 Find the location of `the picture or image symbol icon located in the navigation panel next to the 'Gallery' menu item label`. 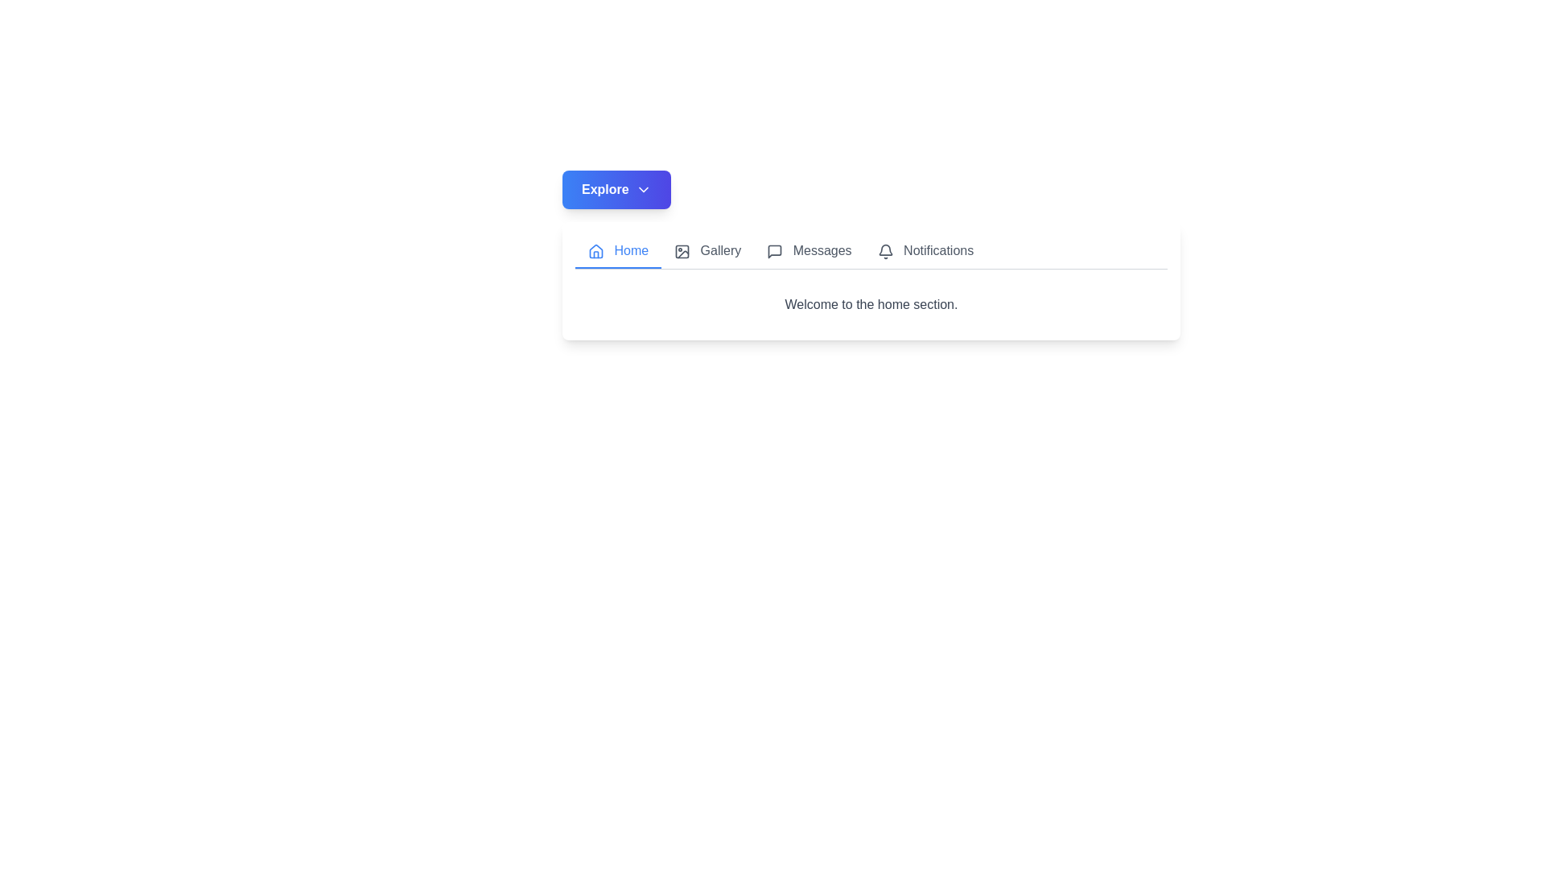

the picture or image symbol icon located in the navigation panel next to the 'Gallery' menu item label is located at coordinates (682, 251).